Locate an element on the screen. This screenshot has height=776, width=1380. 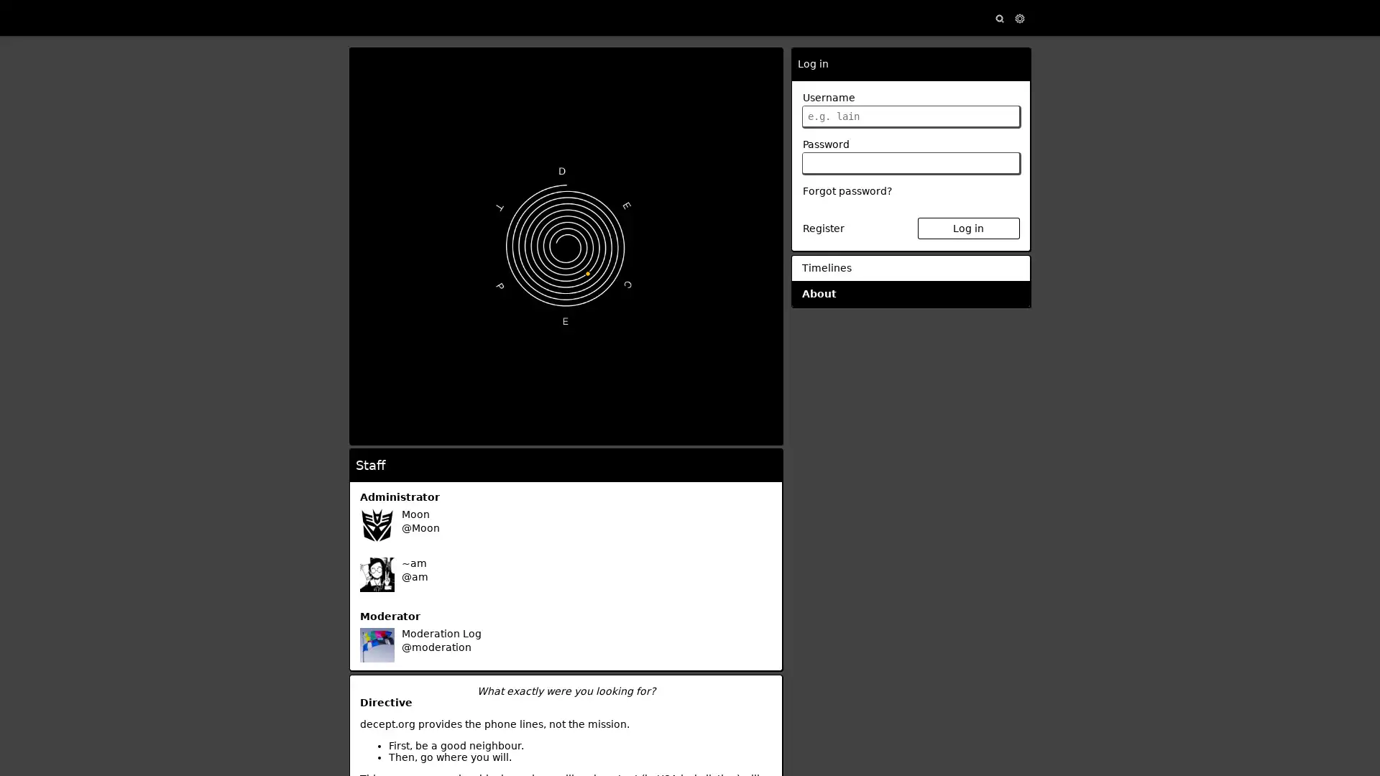
Log in is located at coordinates (968, 227).